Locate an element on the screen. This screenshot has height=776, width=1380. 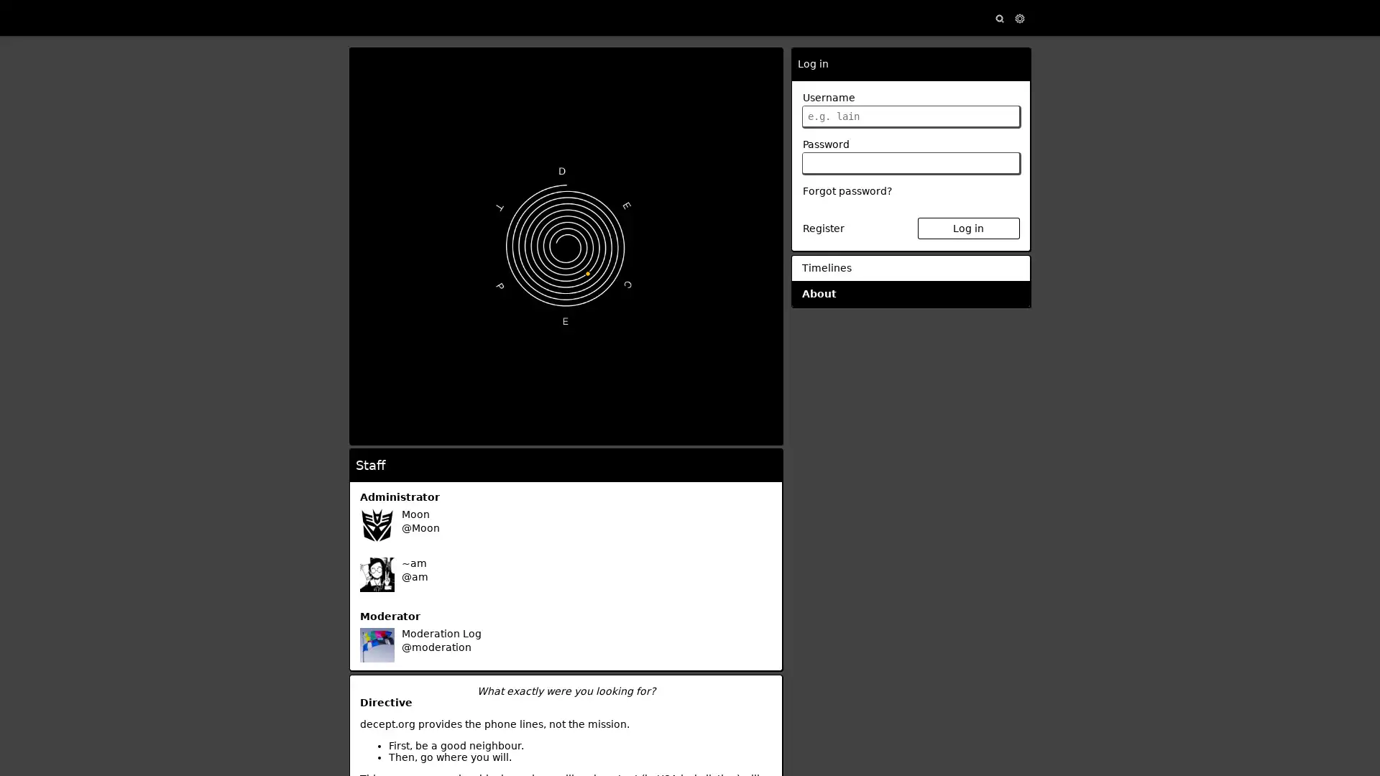
Log in is located at coordinates (968, 227).